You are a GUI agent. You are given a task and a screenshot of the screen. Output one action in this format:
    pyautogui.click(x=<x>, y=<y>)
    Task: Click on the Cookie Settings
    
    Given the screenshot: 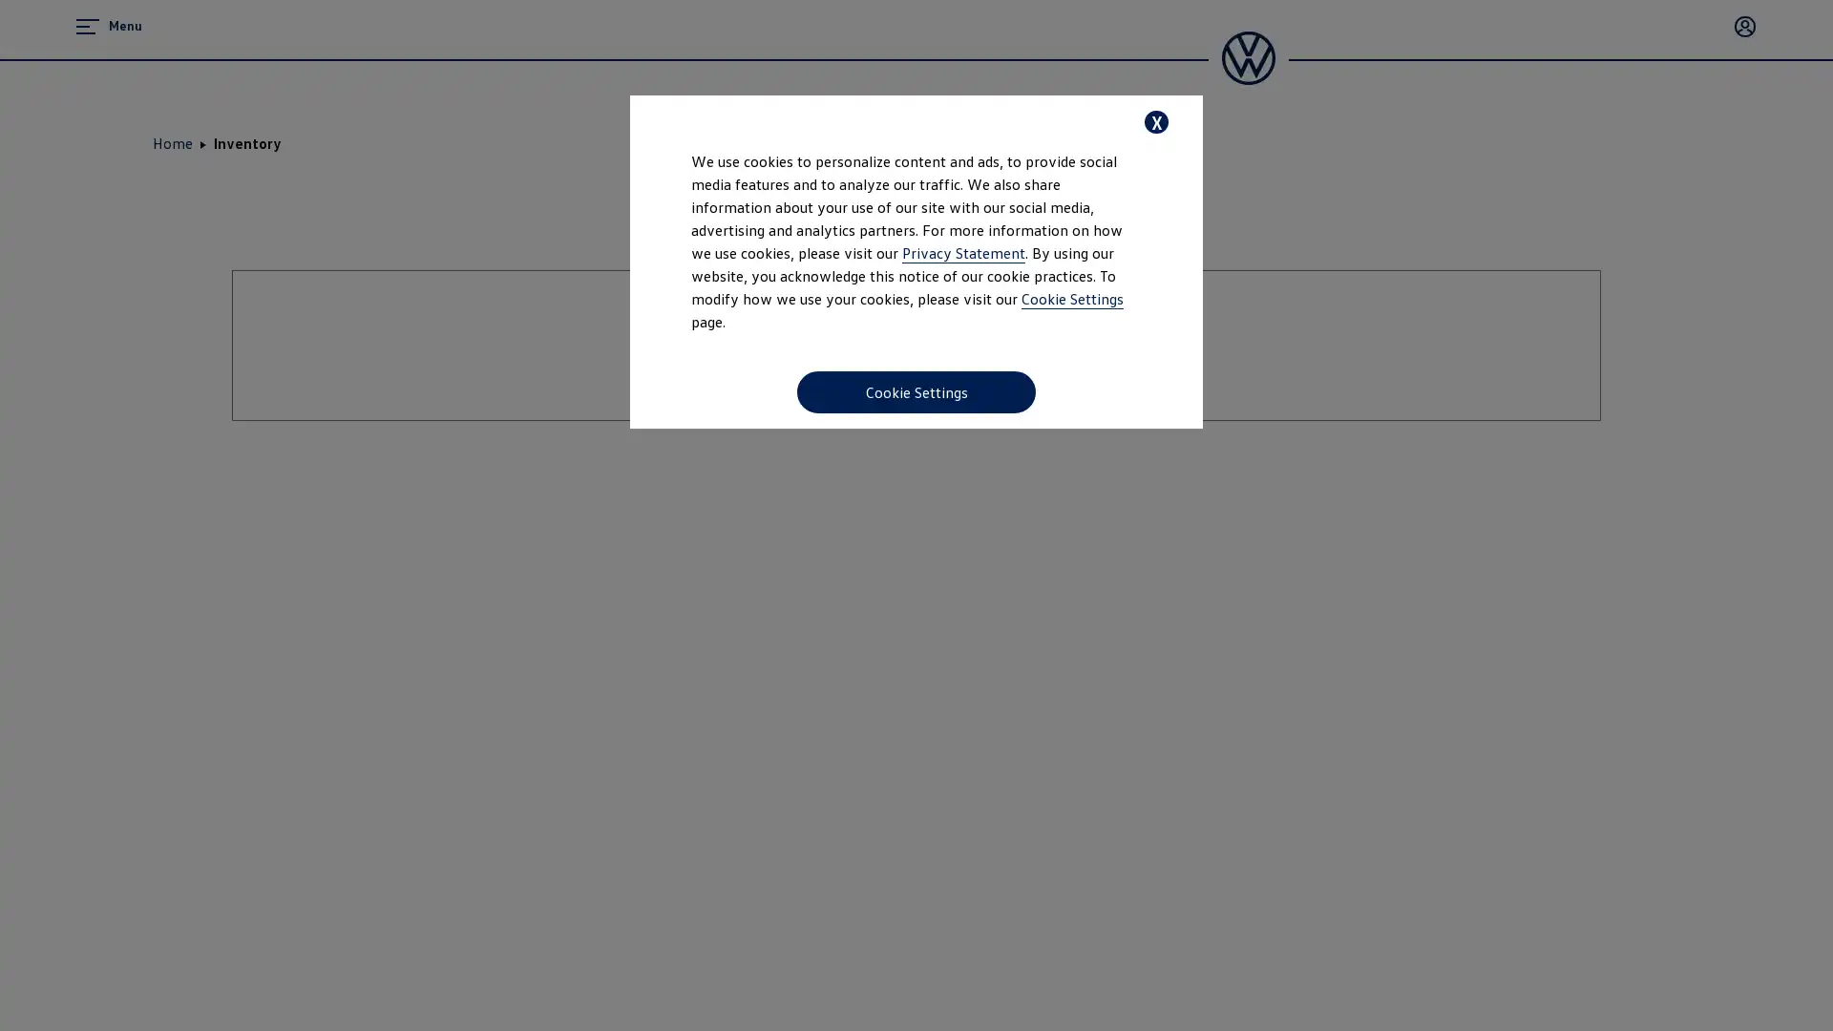 What is the action you would take?
    pyautogui.click(x=916, y=391)
    